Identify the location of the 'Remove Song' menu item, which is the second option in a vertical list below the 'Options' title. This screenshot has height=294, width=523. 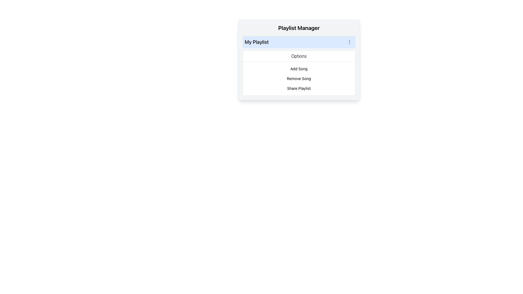
(299, 79).